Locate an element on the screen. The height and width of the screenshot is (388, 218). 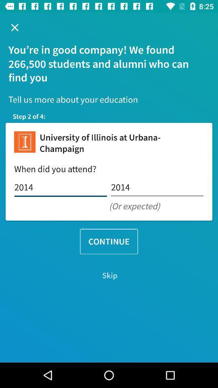
the item above you re in item is located at coordinates (15, 27).